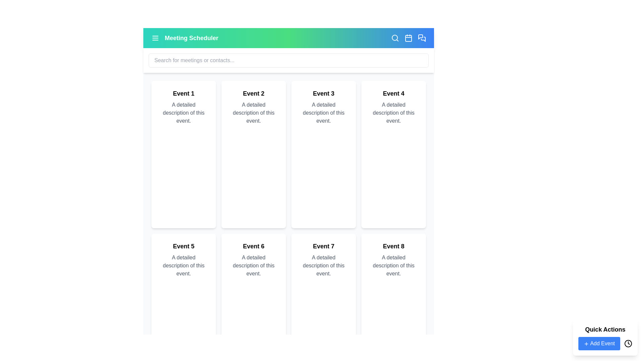 Image resolution: width=643 pixels, height=361 pixels. Describe the element at coordinates (324, 113) in the screenshot. I see `the static text element containing the description 'A detailed description of this event.' which is located below the title 'Event 3' in the third card of the grid` at that location.